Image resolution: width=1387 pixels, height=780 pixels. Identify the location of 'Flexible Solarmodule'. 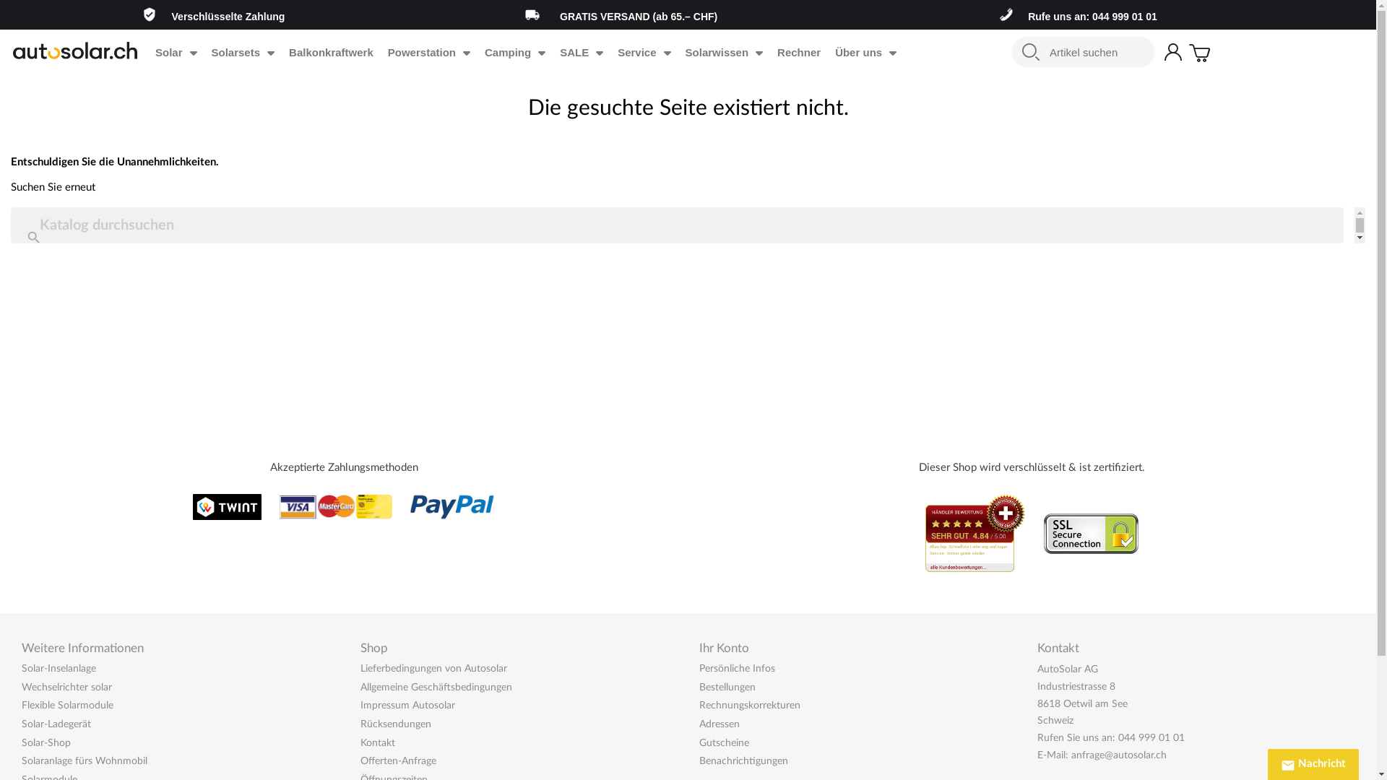
(66, 704).